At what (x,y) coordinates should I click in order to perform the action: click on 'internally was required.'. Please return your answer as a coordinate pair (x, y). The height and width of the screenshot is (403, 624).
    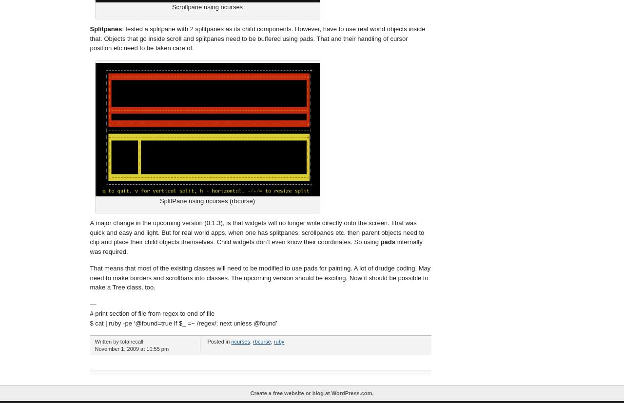
    Looking at the image, I should click on (256, 246).